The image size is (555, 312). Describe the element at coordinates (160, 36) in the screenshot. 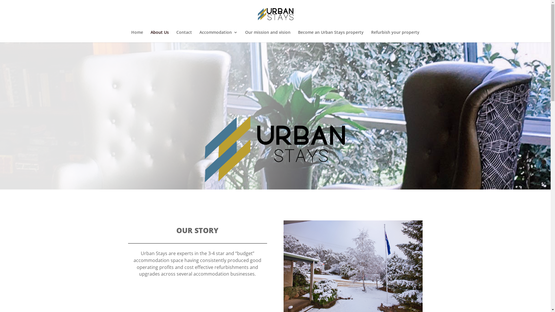

I see `'About Us'` at that location.